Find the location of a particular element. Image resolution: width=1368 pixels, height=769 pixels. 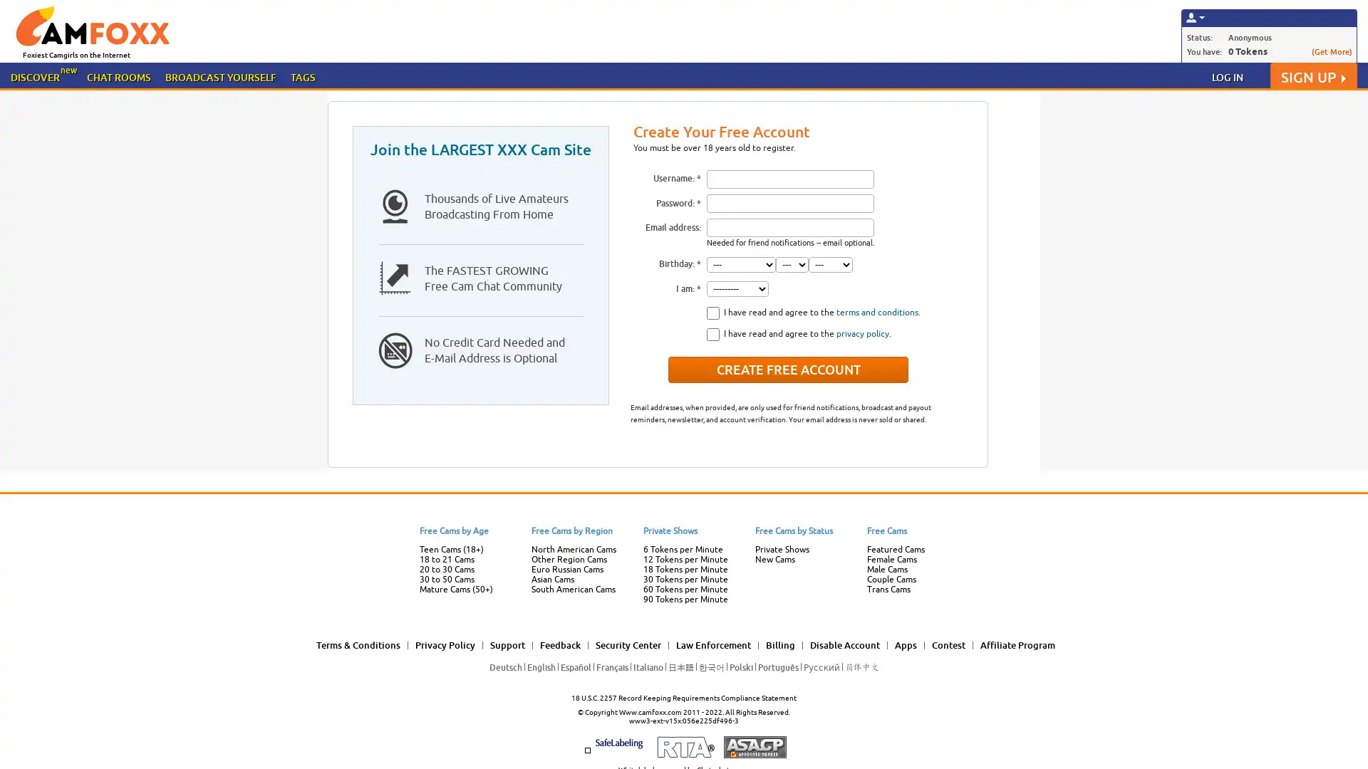

Portugues is located at coordinates (777, 667).